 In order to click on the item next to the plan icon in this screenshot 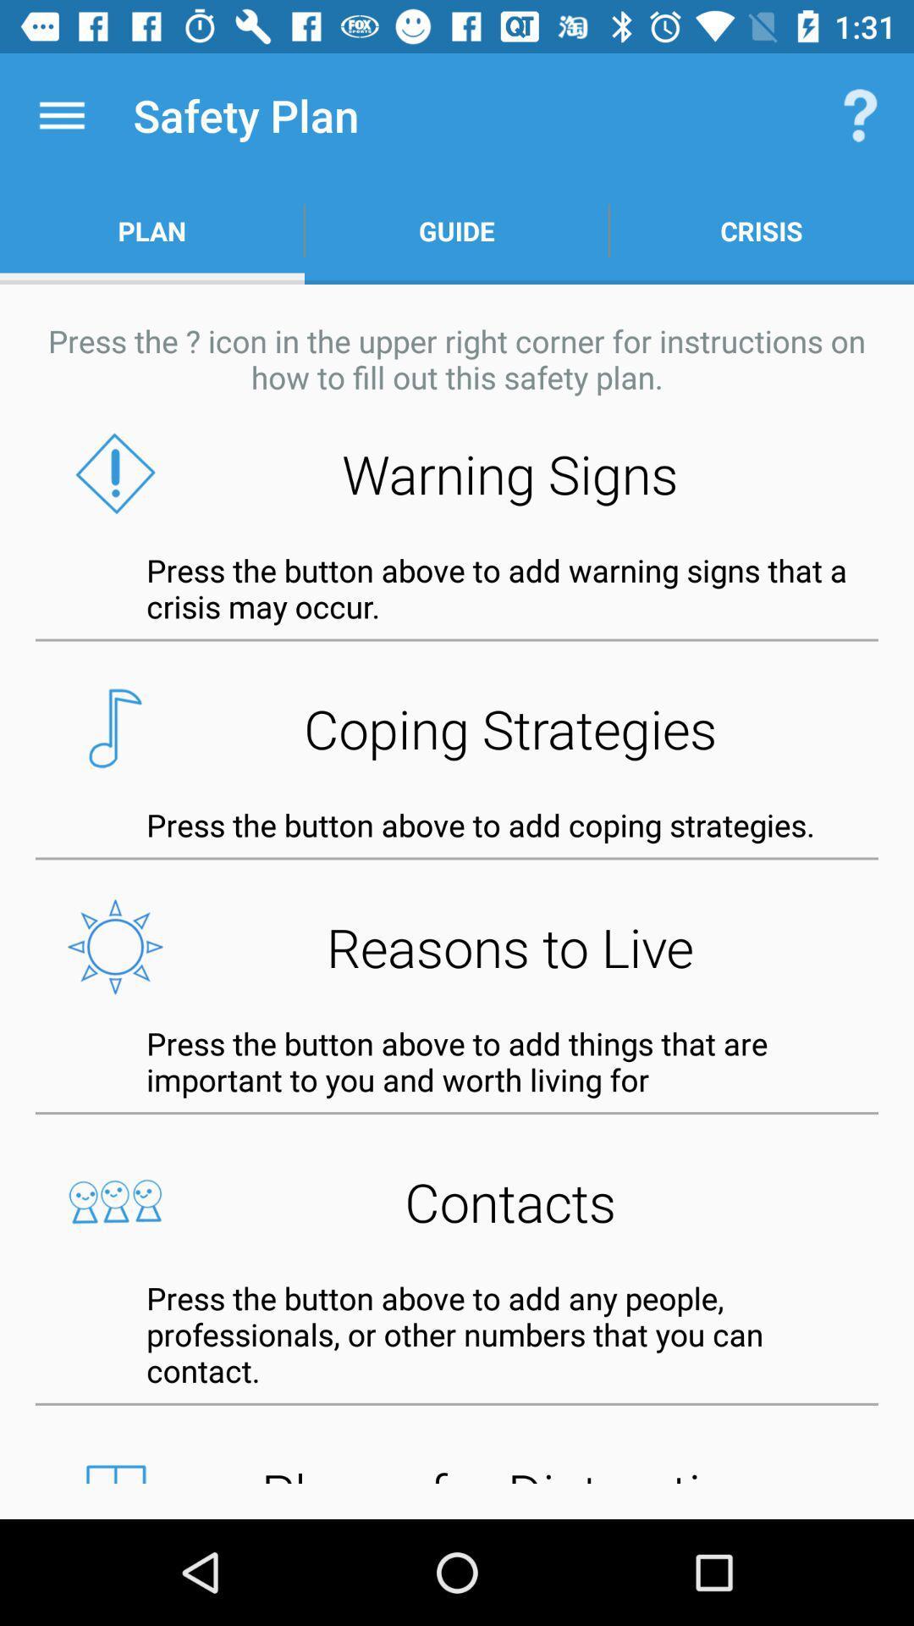, I will do `click(457, 230)`.